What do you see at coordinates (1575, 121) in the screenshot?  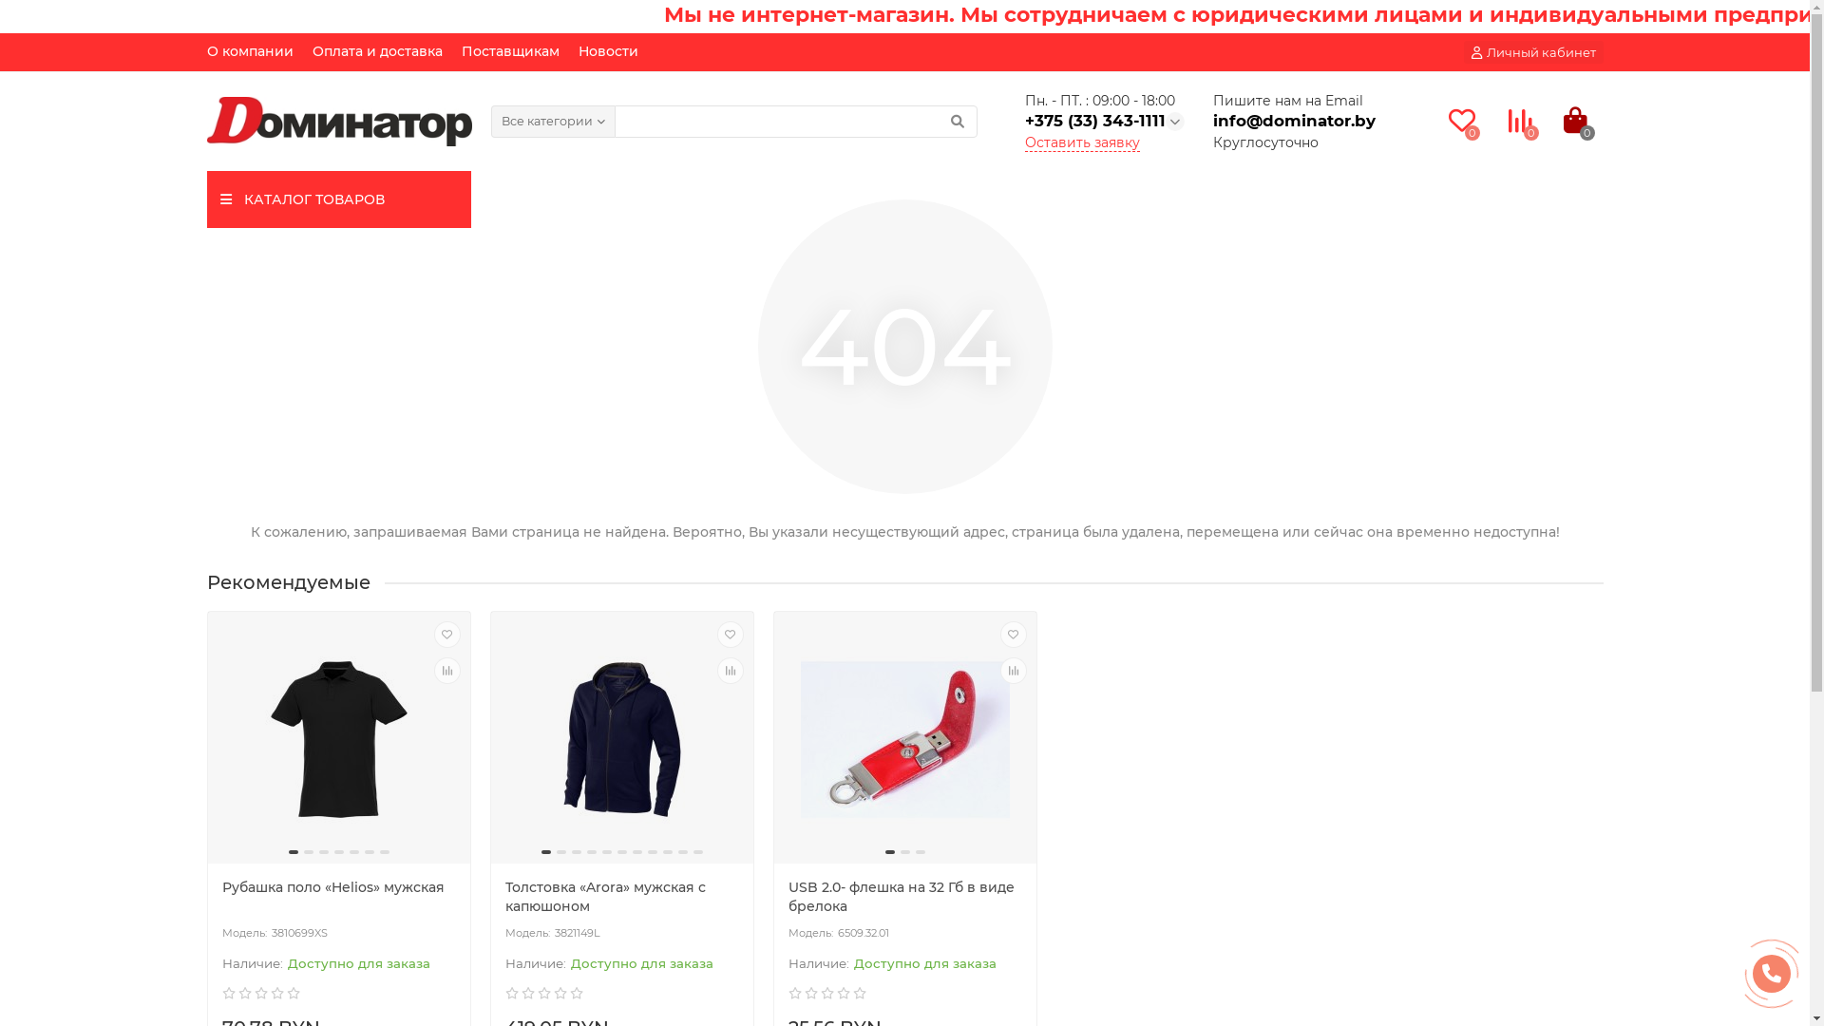 I see `'0'` at bounding box center [1575, 121].